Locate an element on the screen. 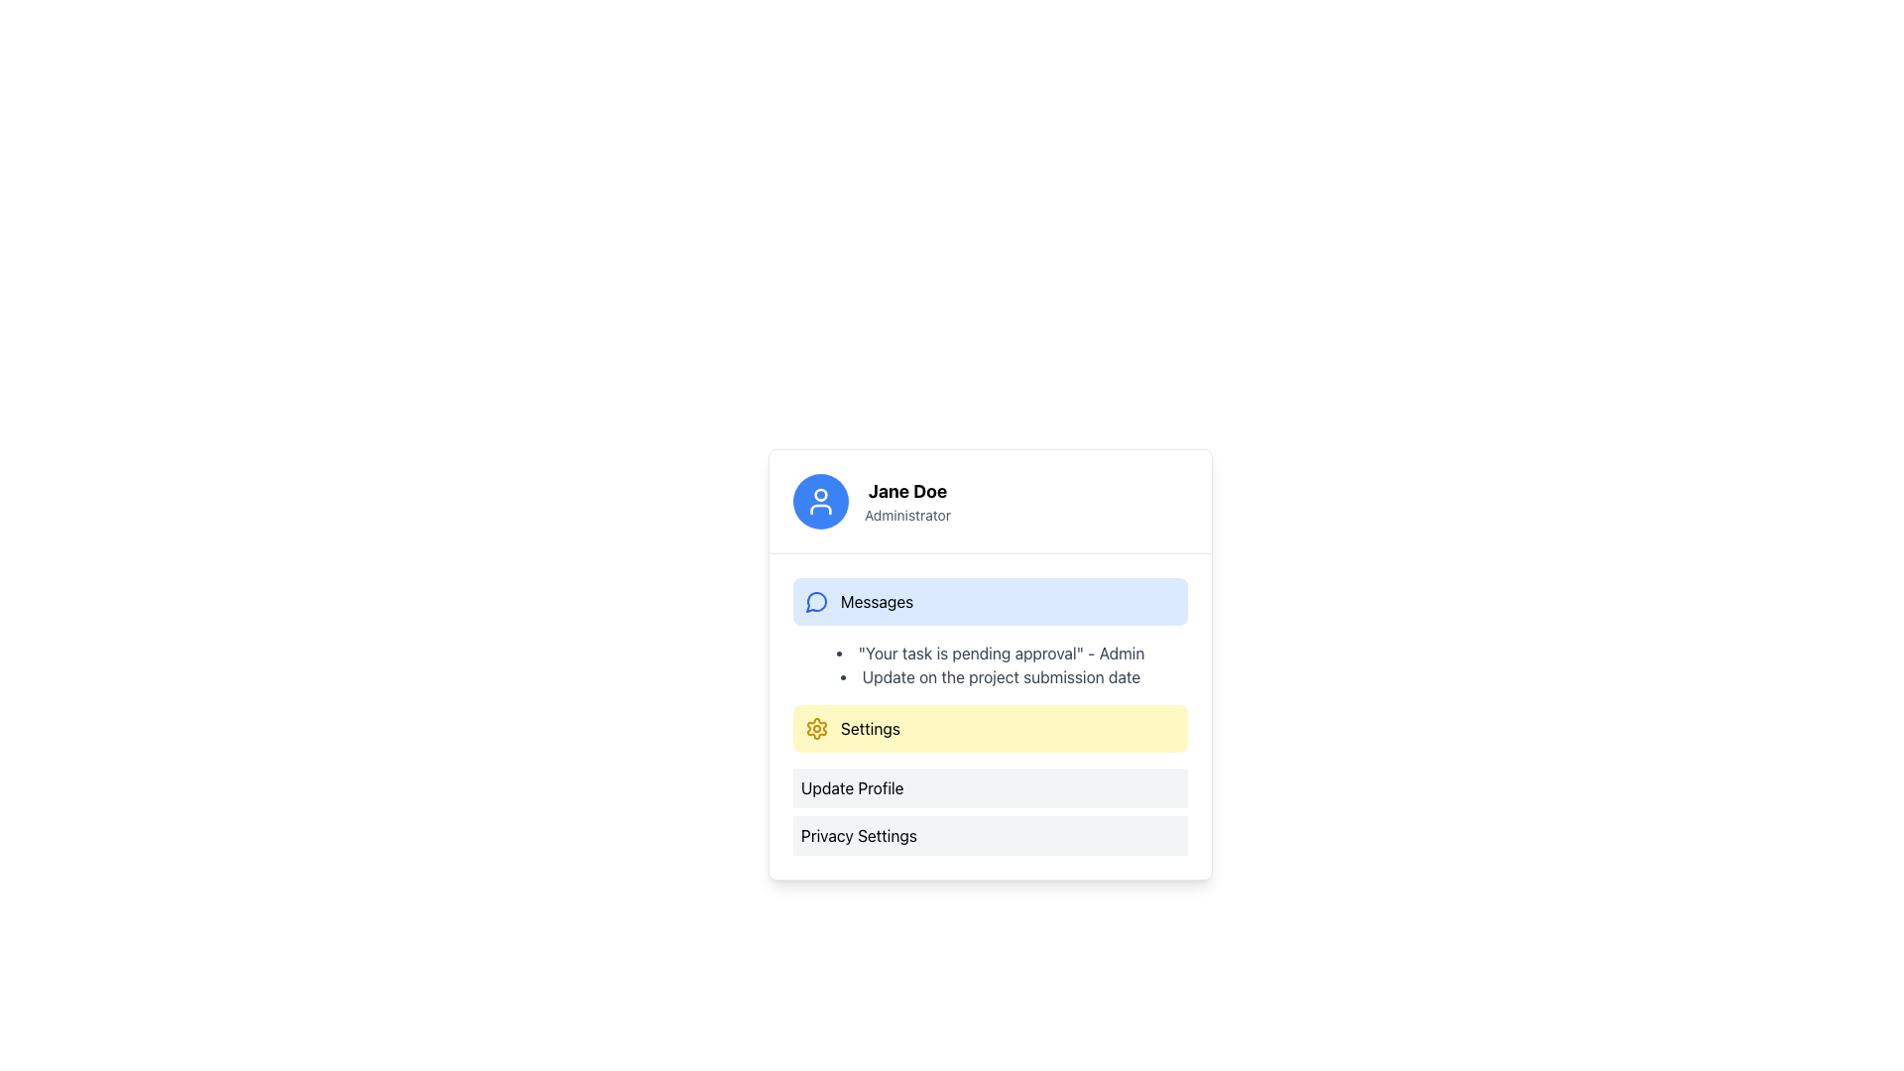 This screenshot has width=1904, height=1071. the speech bubble icon in the 'Messages' section, which has a blue stroke and is positioned to the left of the 'Messages' label is located at coordinates (816, 601).